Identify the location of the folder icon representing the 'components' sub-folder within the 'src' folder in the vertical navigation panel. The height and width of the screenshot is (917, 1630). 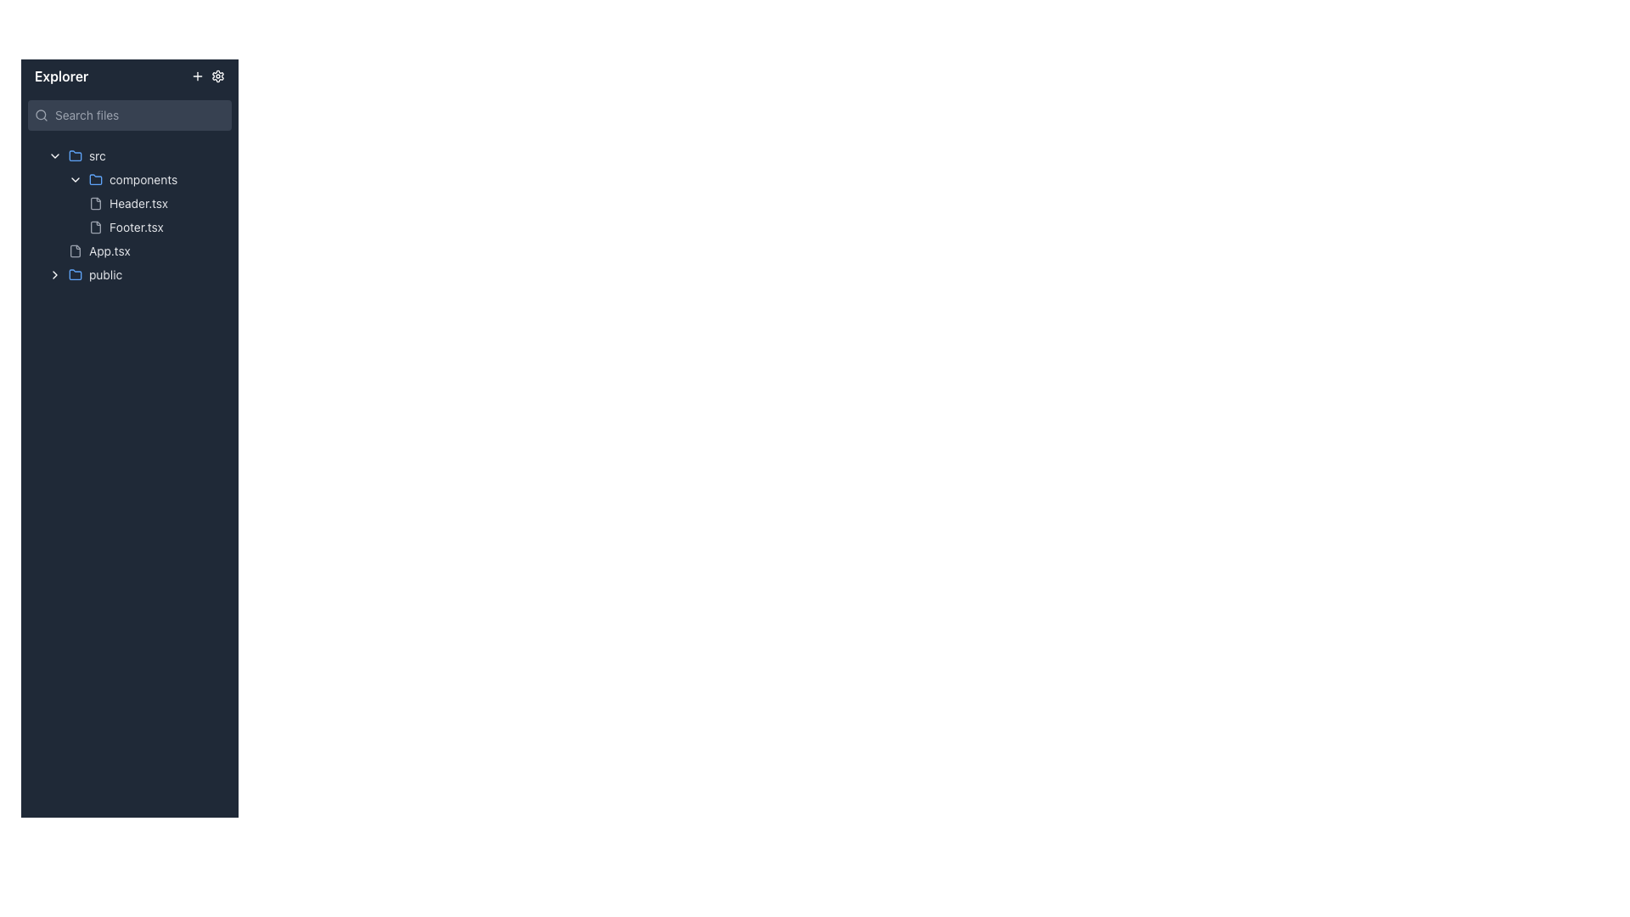
(95, 179).